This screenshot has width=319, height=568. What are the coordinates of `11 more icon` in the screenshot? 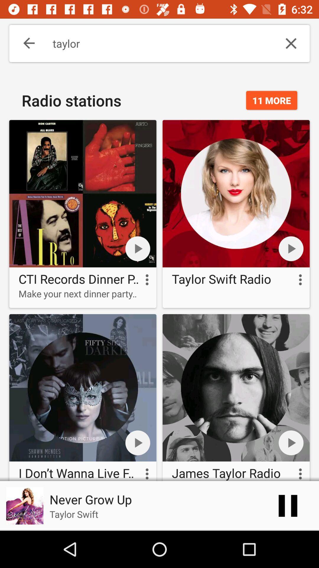 It's located at (271, 100).